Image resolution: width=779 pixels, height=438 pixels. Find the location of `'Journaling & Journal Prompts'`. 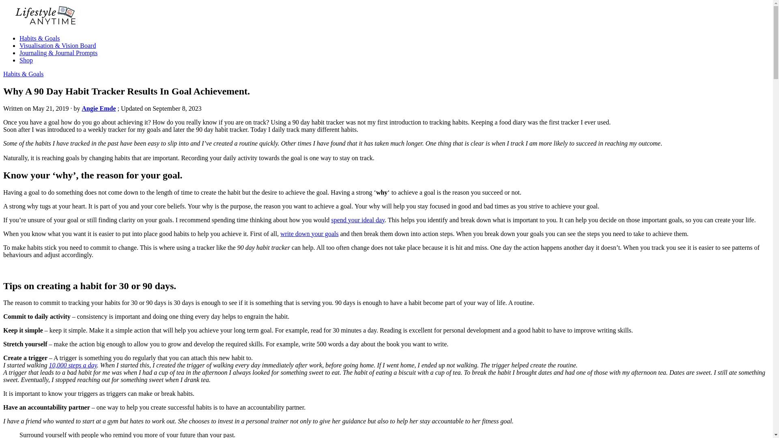

'Journaling & Journal Prompts' is located at coordinates (58, 53).